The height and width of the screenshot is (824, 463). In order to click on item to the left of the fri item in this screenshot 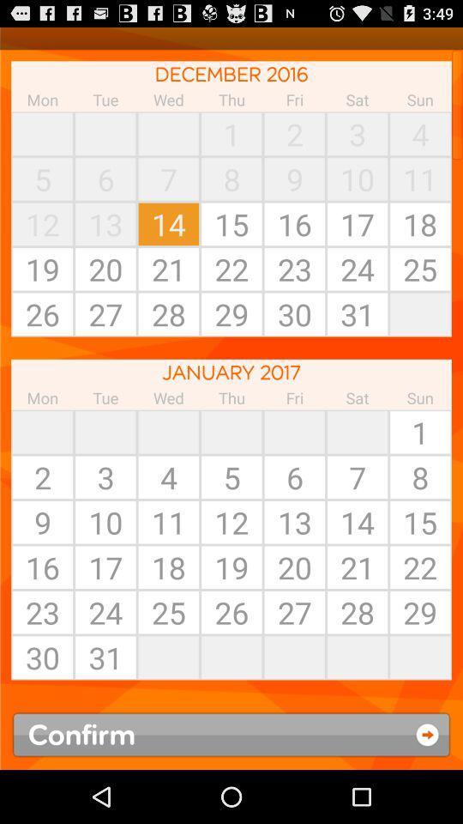, I will do `click(231, 431)`.